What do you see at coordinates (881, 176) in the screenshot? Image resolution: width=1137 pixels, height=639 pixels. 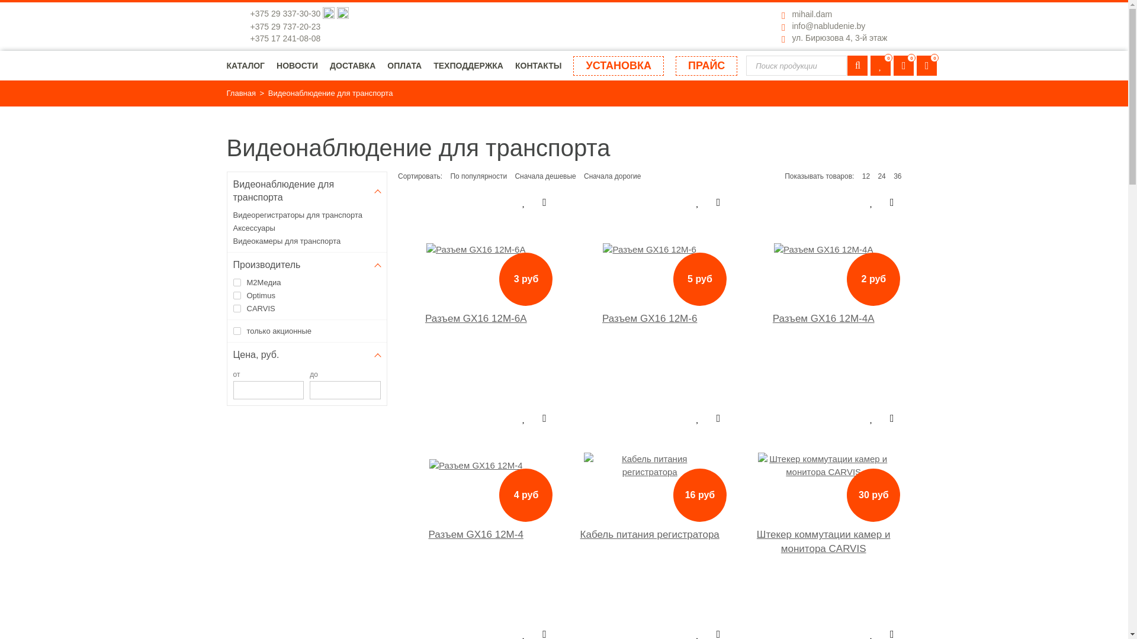 I see `'24'` at bounding box center [881, 176].